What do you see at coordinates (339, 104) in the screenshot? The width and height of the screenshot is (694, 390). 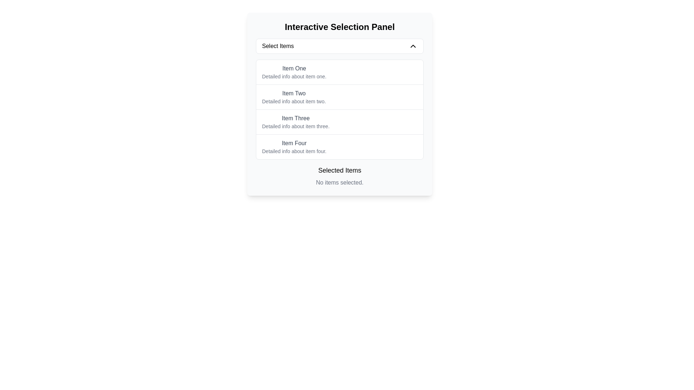 I see `the second row of the selectable list item in the 'Interactive Selection Panel'` at bounding box center [339, 104].